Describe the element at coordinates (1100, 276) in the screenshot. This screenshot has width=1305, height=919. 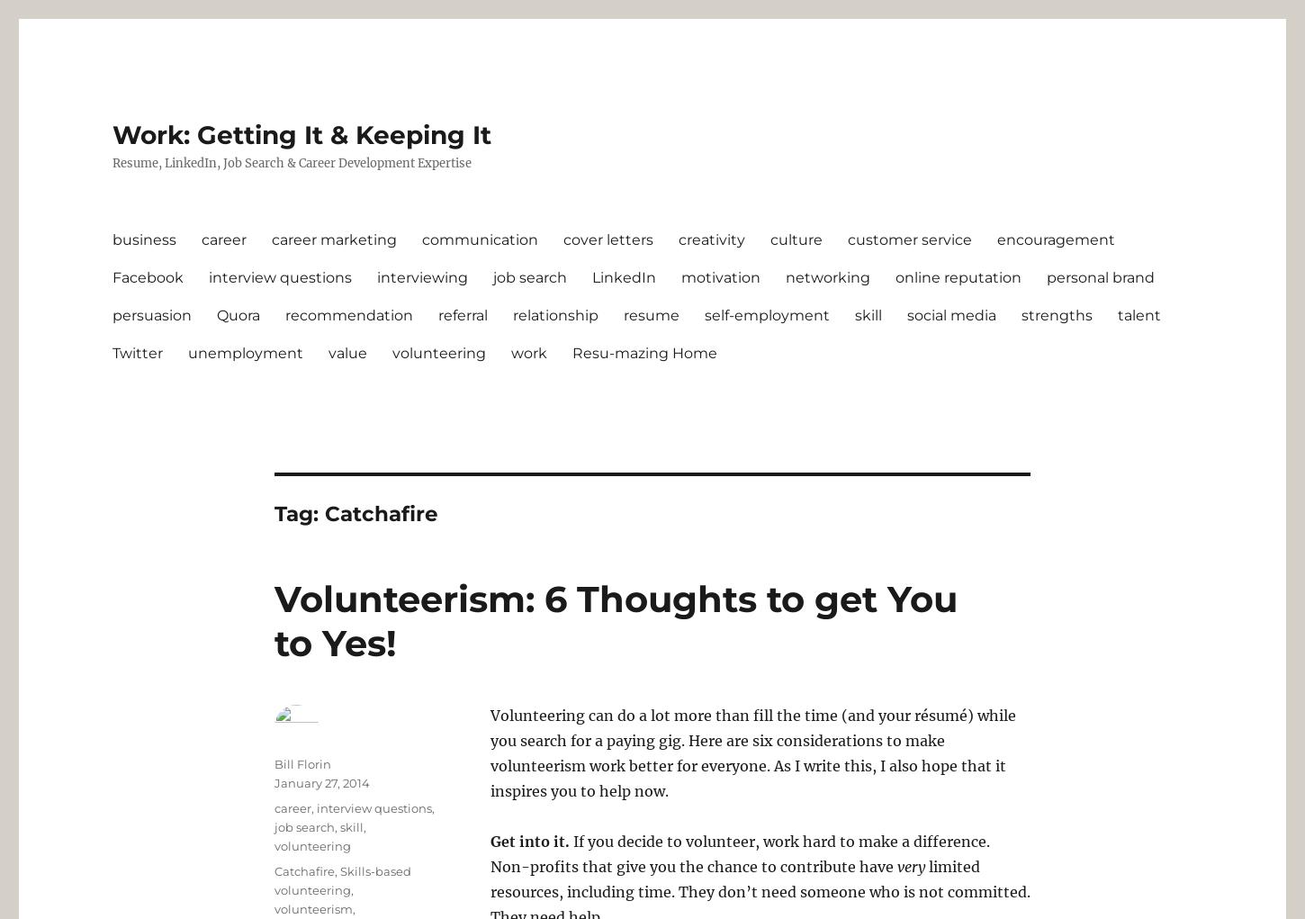
I see `'personal brand'` at that location.